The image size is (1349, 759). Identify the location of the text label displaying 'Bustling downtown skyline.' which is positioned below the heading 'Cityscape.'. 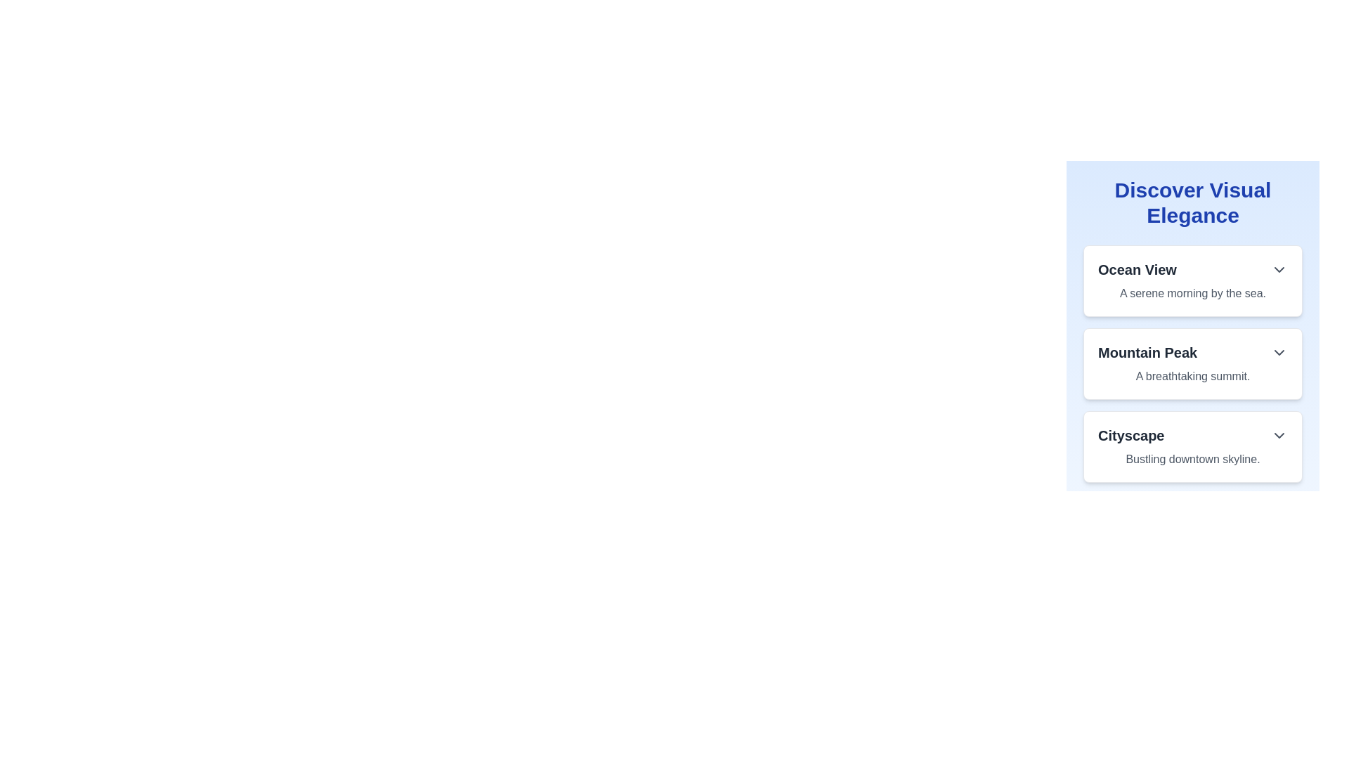
(1192, 460).